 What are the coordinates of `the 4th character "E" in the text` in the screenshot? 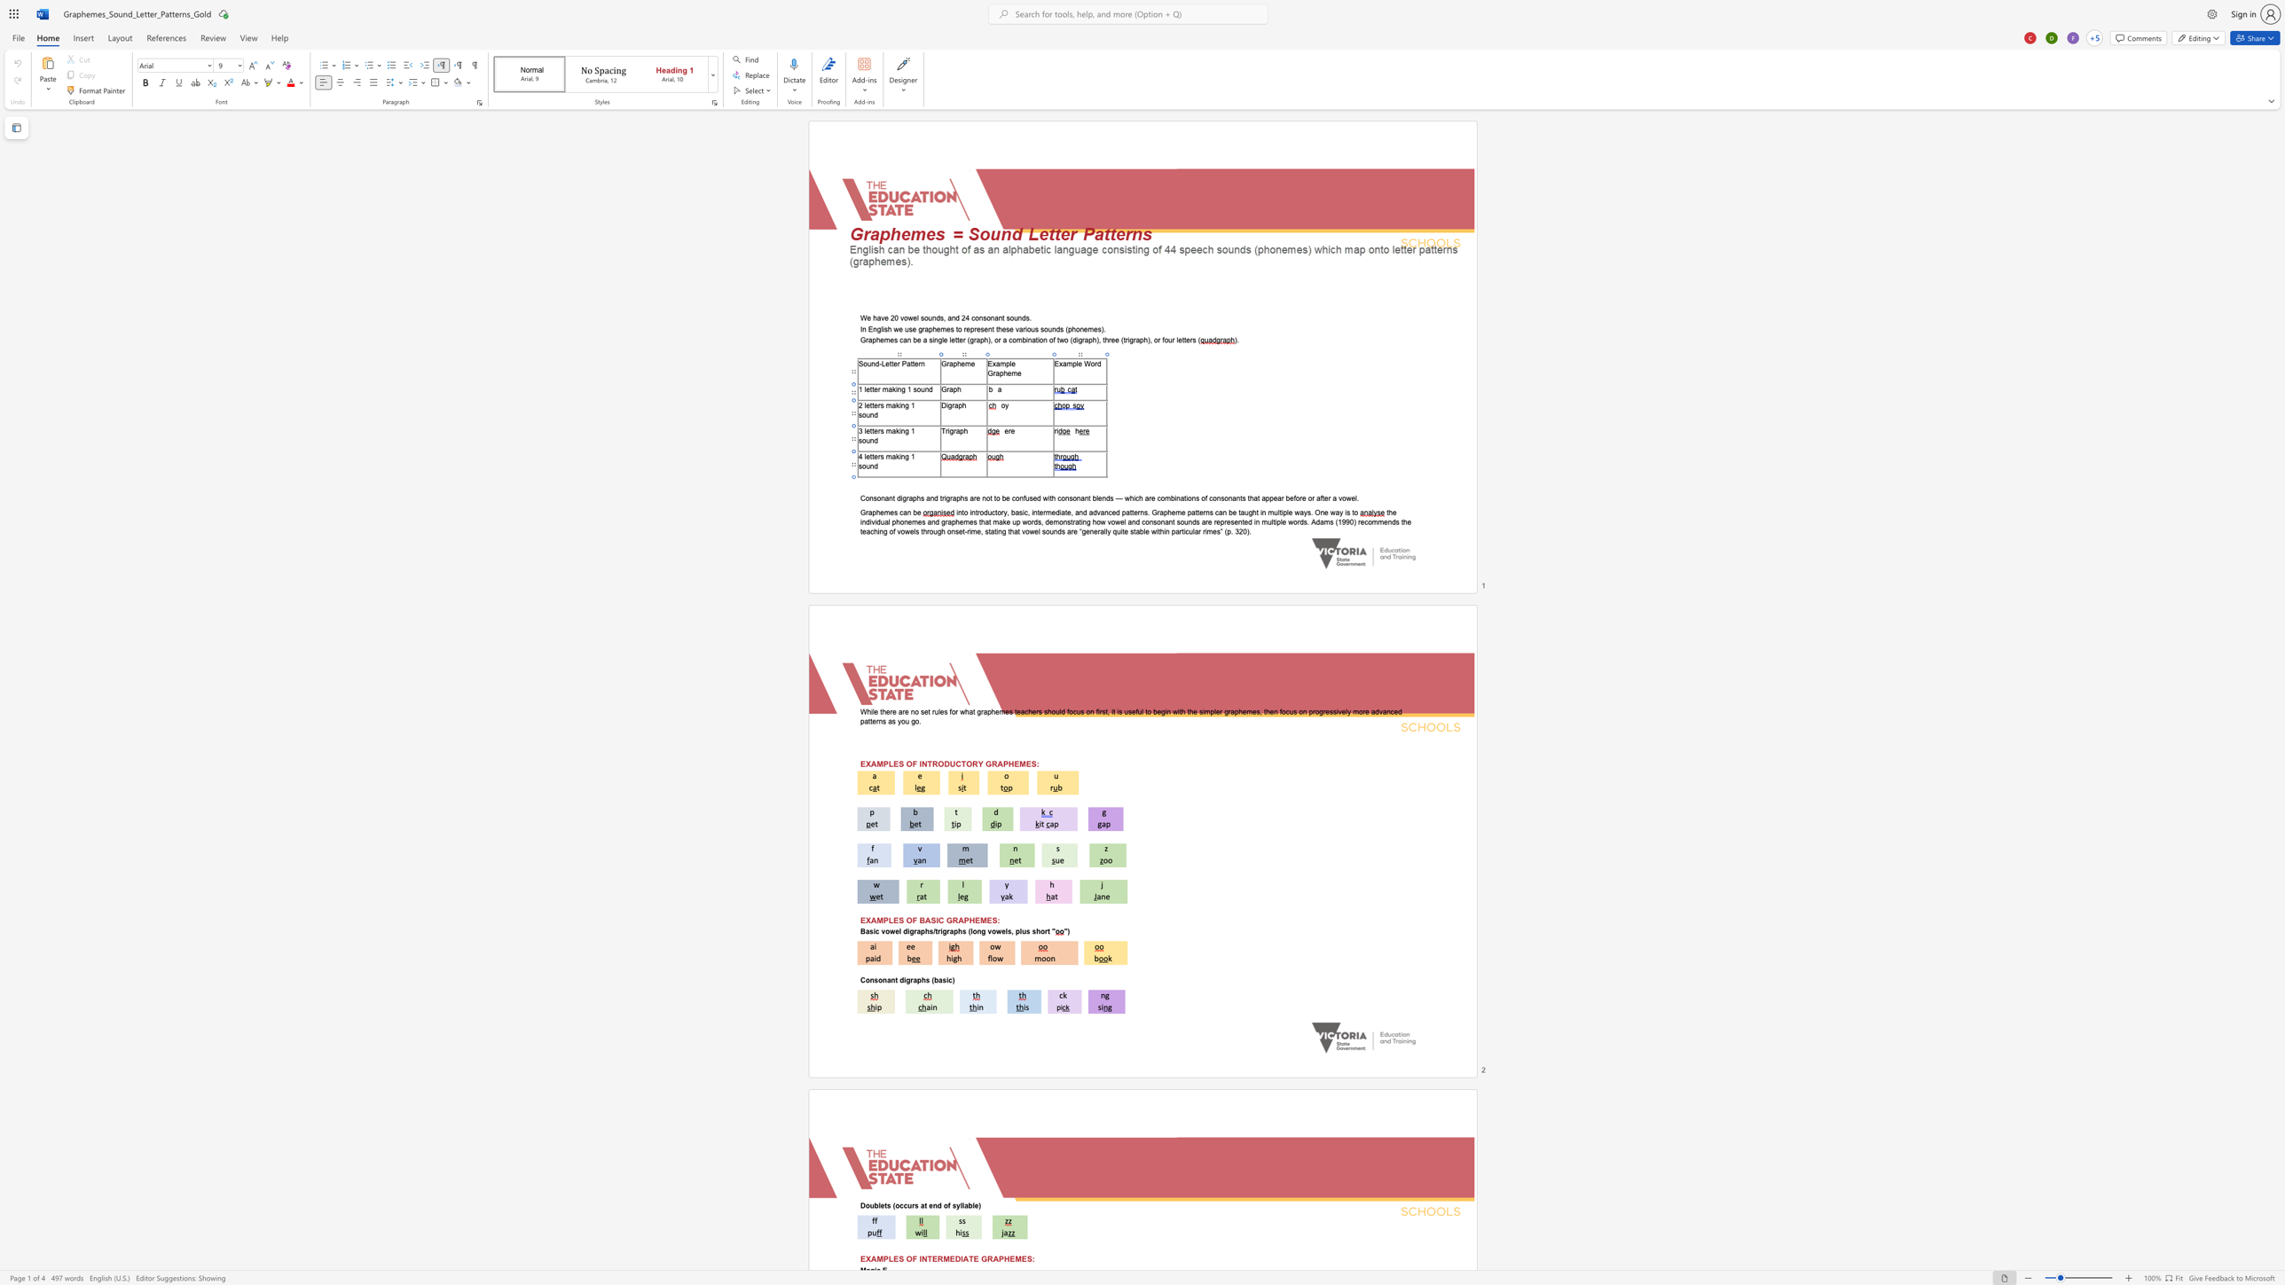 It's located at (1028, 764).